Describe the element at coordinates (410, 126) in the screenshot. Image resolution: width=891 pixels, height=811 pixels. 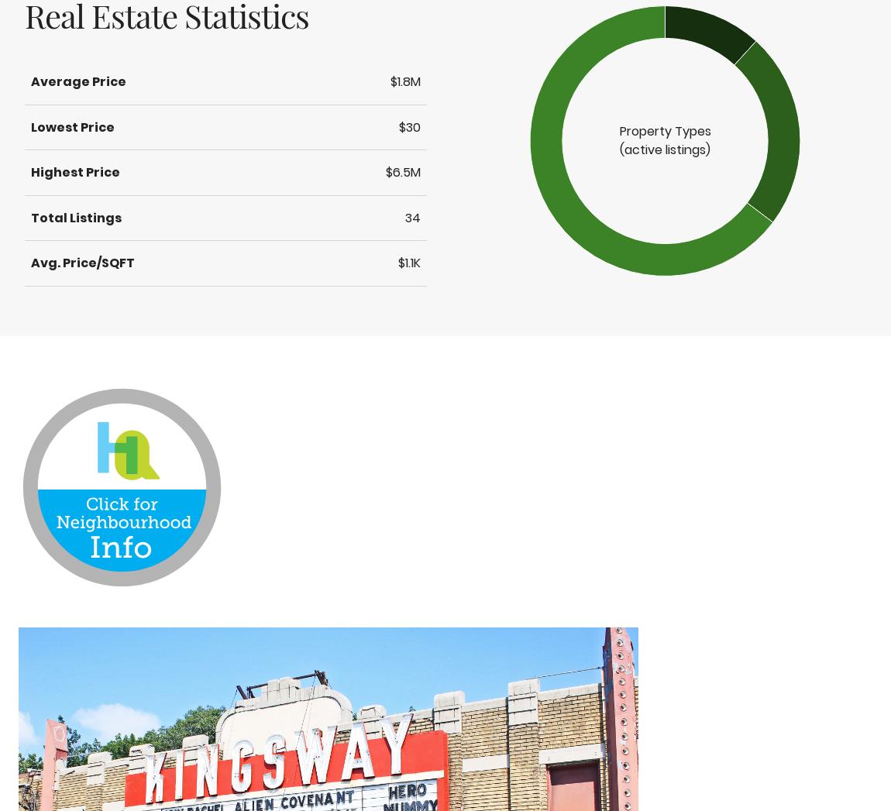
I see `'$30'` at that location.